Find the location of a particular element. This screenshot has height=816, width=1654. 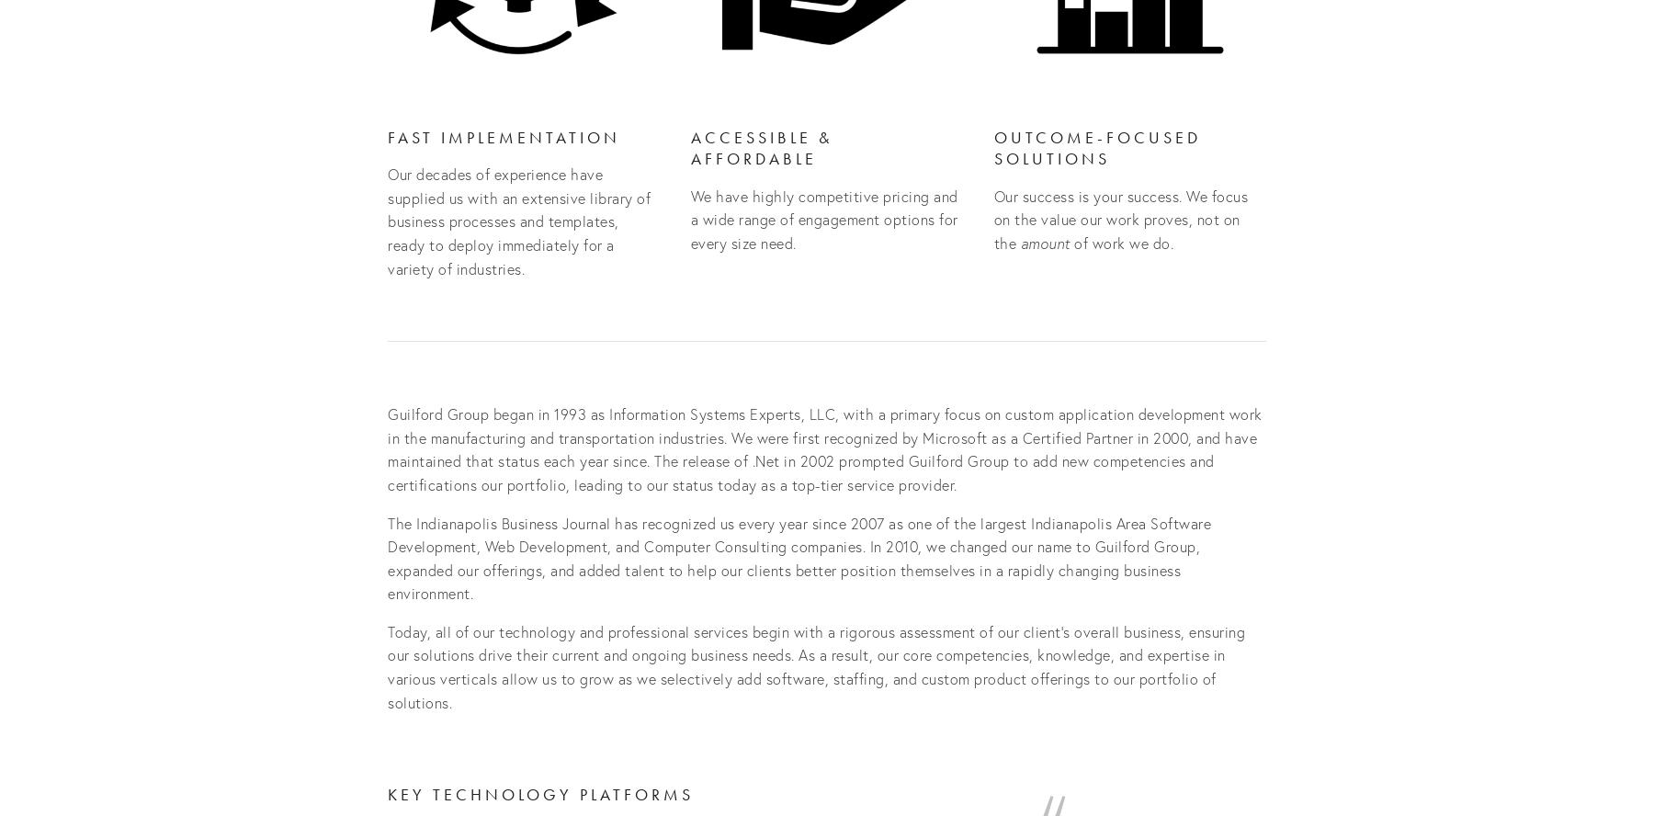

'Guilford Group began in 1993 as Information Systems Experts, LLC, with a primary focus on custom application development work in the manufacturing and transportation industries. We were first recognized by Microsoft as a Certified Partner in 2000, and have maintained that status each year since. The release of .Net in 2002 prompted Guilford Group to add new competencies and certifications our portfolio, leading to our status today as a top-tier service provider.' is located at coordinates (387, 448).